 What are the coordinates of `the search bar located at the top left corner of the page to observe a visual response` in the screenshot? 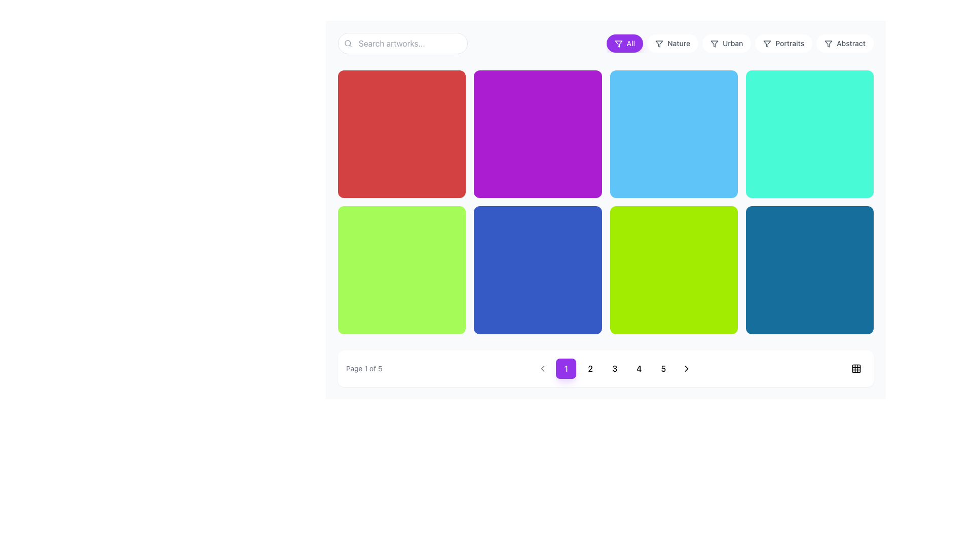 It's located at (402, 43).